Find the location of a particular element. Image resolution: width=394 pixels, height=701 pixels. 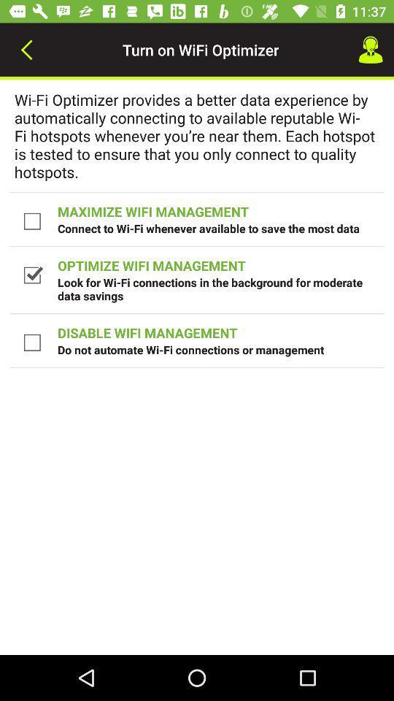

the icon next to maximize wifi management item is located at coordinates (34, 221).